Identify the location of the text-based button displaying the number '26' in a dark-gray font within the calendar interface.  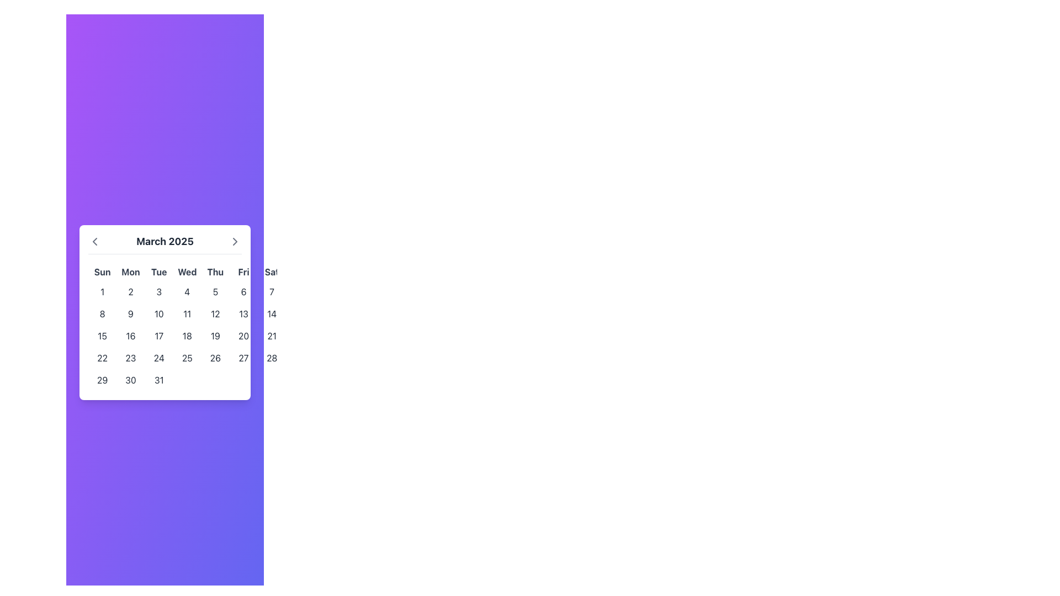
(215, 358).